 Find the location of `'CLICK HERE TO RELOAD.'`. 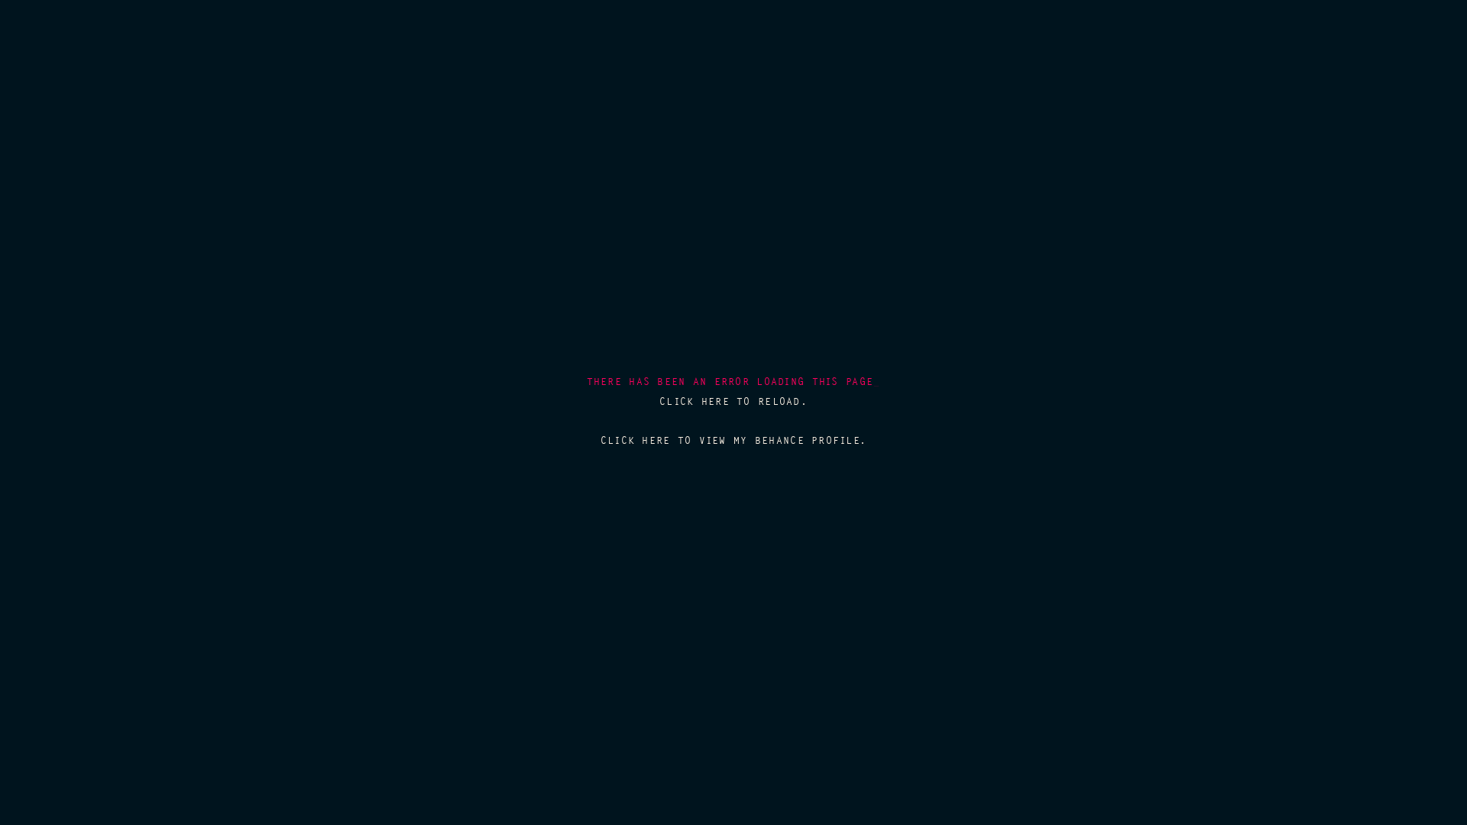

'CLICK HERE TO RELOAD.' is located at coordinates (733, 400).